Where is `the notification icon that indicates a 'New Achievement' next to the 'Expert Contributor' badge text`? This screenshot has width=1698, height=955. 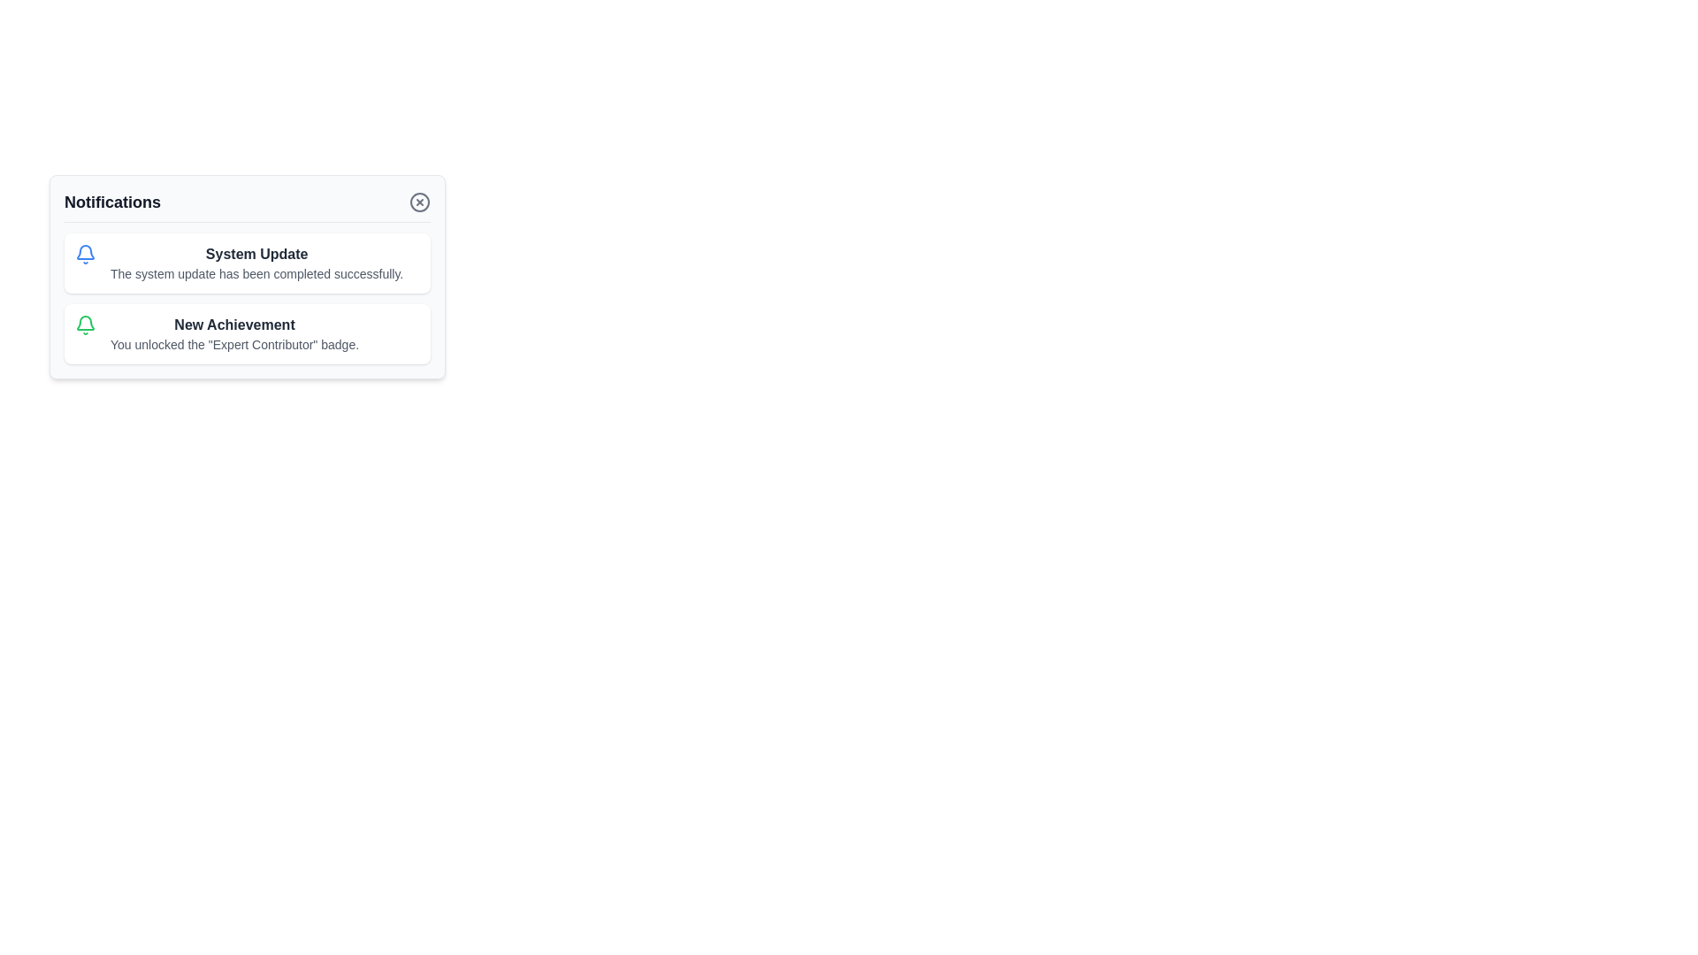 the notification icon that indicates a 'New Achievement' next to the 'Expert Contributor' badge text is located at coordinates (84, 325).